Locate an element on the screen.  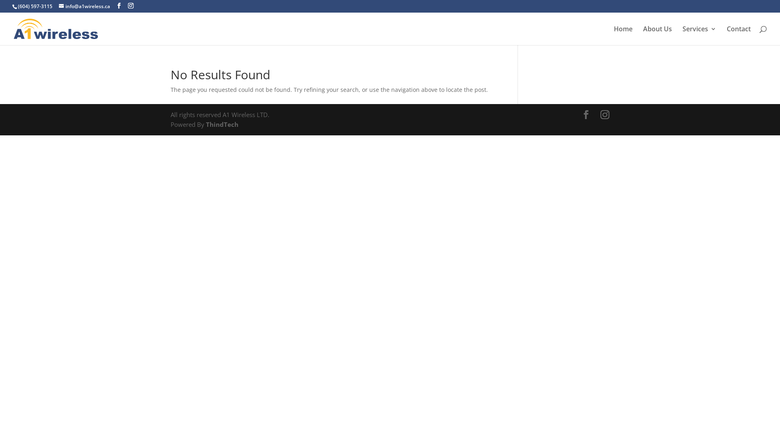
'ThindTech' is located at coordinates (221, 124).